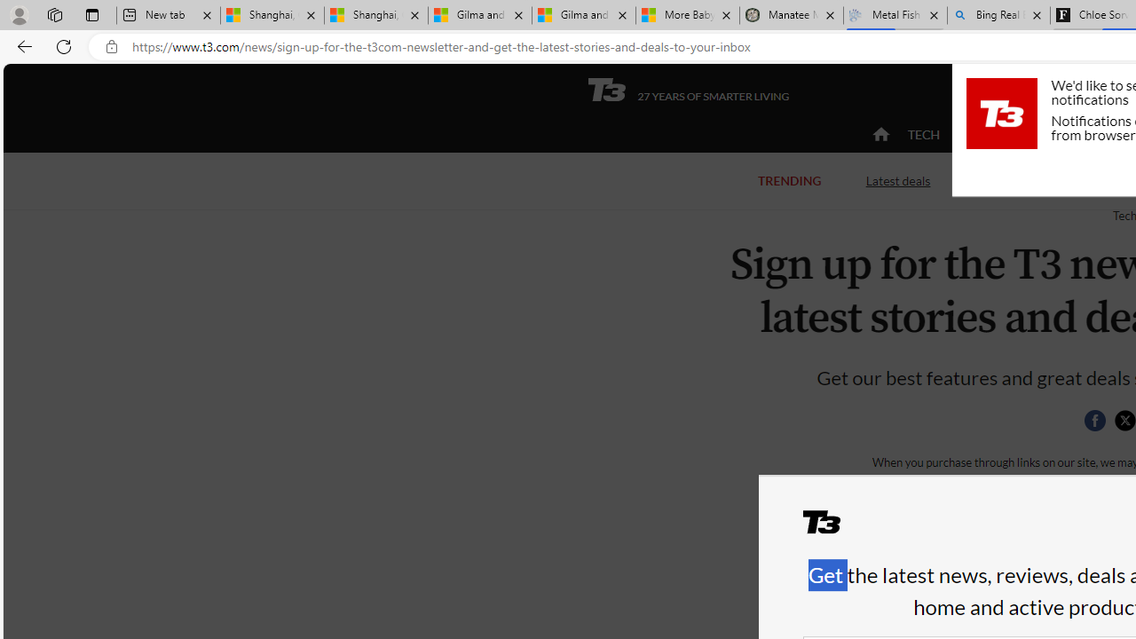 Image resolution: width=1136 pixels, height=639 pixels. I want to click on 'TECH', so click(923, 133).